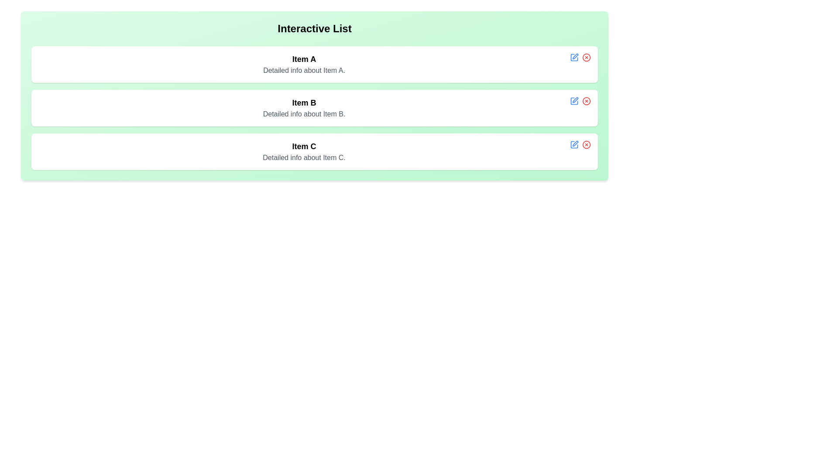 The image size is (838, 471). Describe the element at coordinates (575, 99) in the screenshot. I see `the pending action icon button, which is a small pen icon in the second row of the interactive list, to possibly see a tooltip` at that location.